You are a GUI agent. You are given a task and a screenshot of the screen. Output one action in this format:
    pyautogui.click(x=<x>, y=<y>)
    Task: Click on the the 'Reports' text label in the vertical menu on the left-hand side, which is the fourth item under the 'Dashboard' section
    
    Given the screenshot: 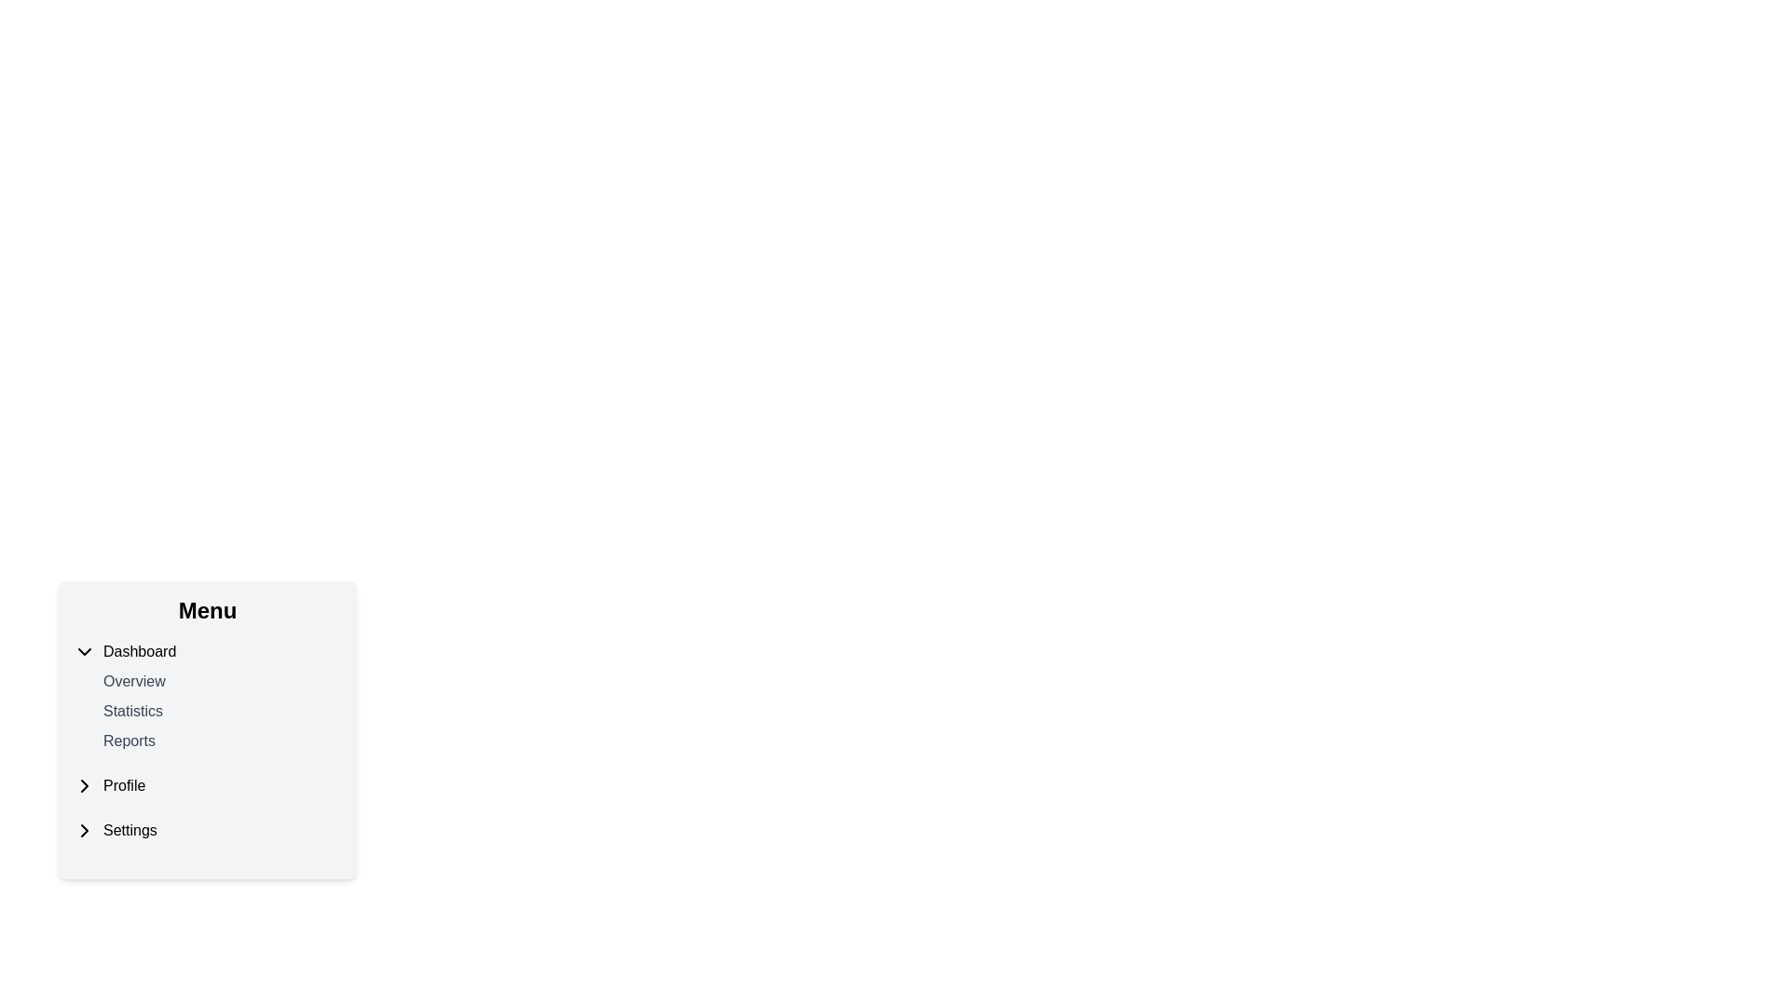 What is the action you would take?
    pyautogui.click(x=129, y=740)
    